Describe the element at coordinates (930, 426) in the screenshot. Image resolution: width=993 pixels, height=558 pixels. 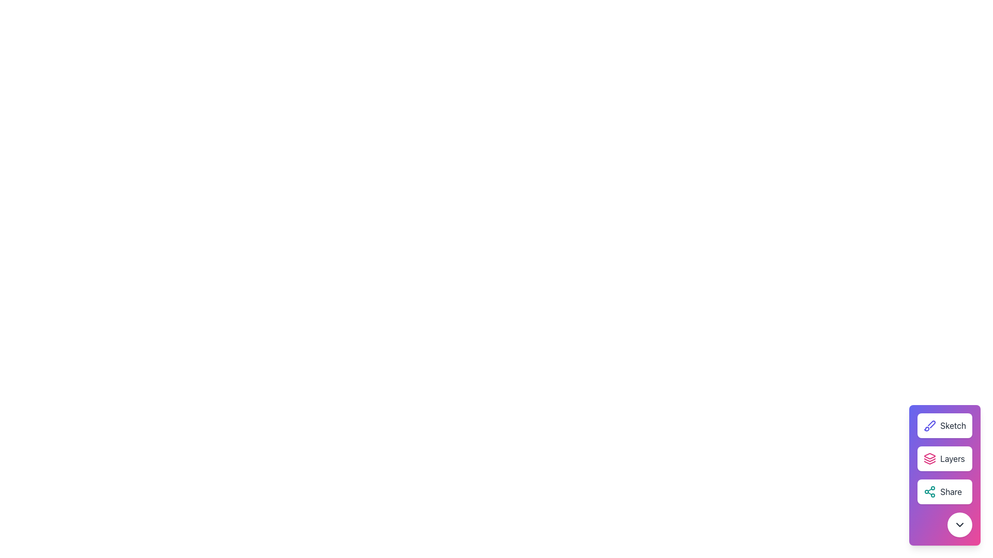
I see `the 'Sketch' icon located at the top of the vertical menu` at that location.